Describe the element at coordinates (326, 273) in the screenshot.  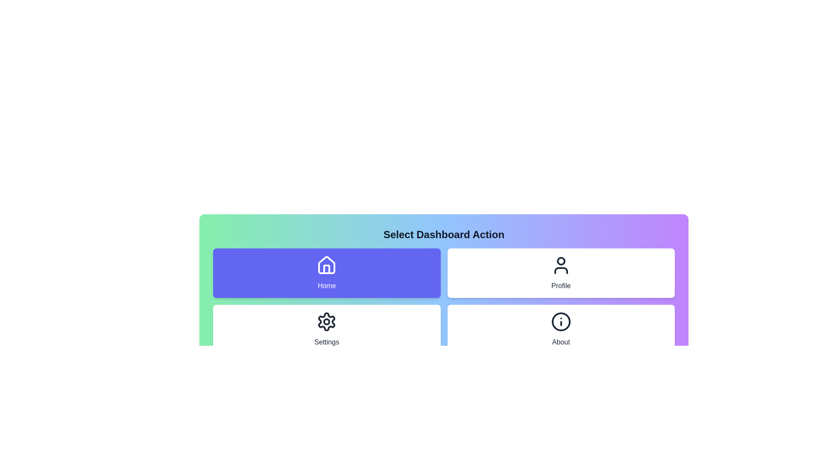
I see `the Home button to observe its visual effect` at that location.